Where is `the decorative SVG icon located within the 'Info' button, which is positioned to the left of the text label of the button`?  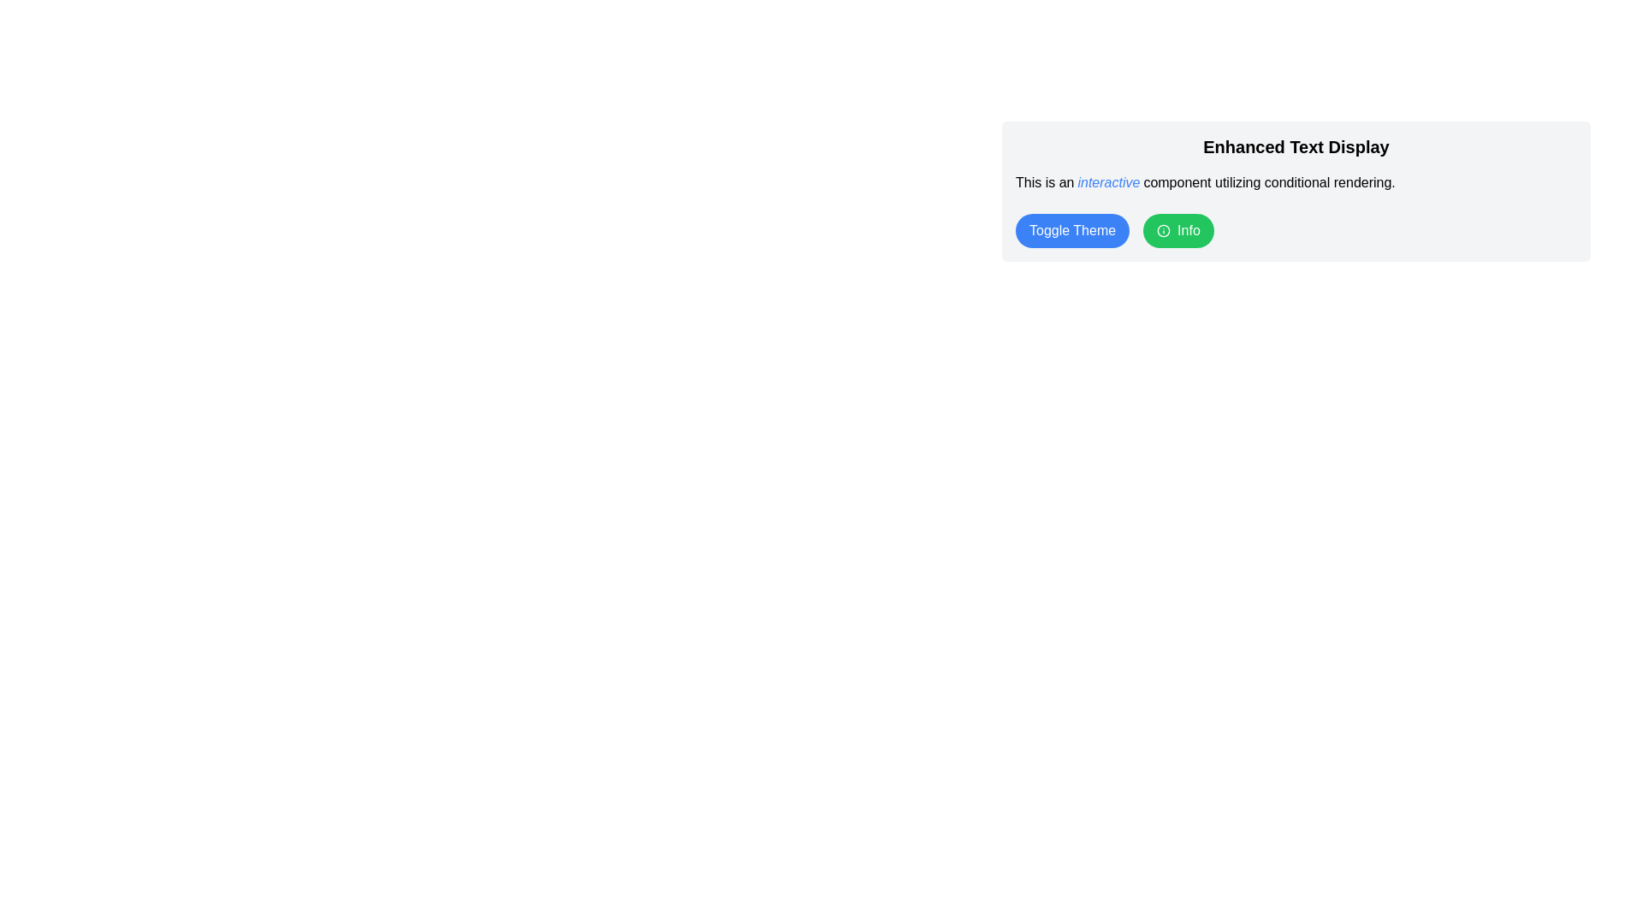
the decorative SVG icon located within the 'Info' button, which is positioned to the left of the text label of the button is located at coordinates (1164, 231).